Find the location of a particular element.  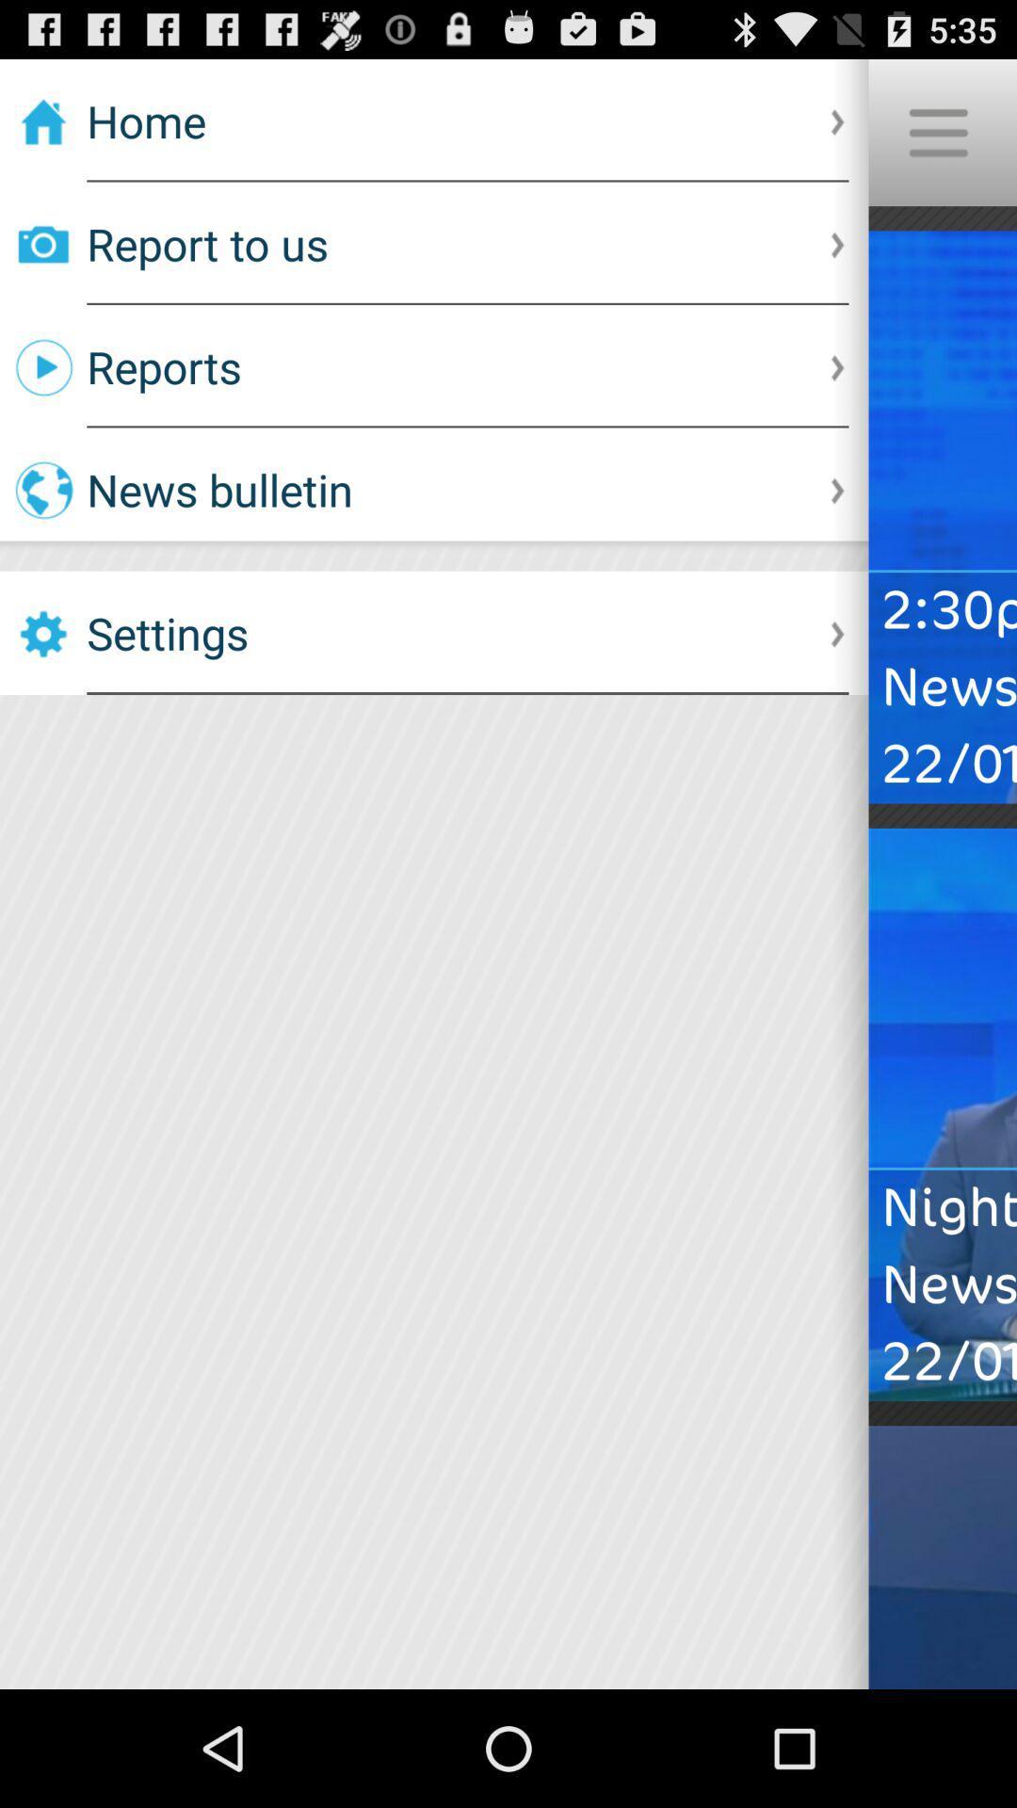

the right arrow which is to the right side of reports option is located at coordinates (838, 366).